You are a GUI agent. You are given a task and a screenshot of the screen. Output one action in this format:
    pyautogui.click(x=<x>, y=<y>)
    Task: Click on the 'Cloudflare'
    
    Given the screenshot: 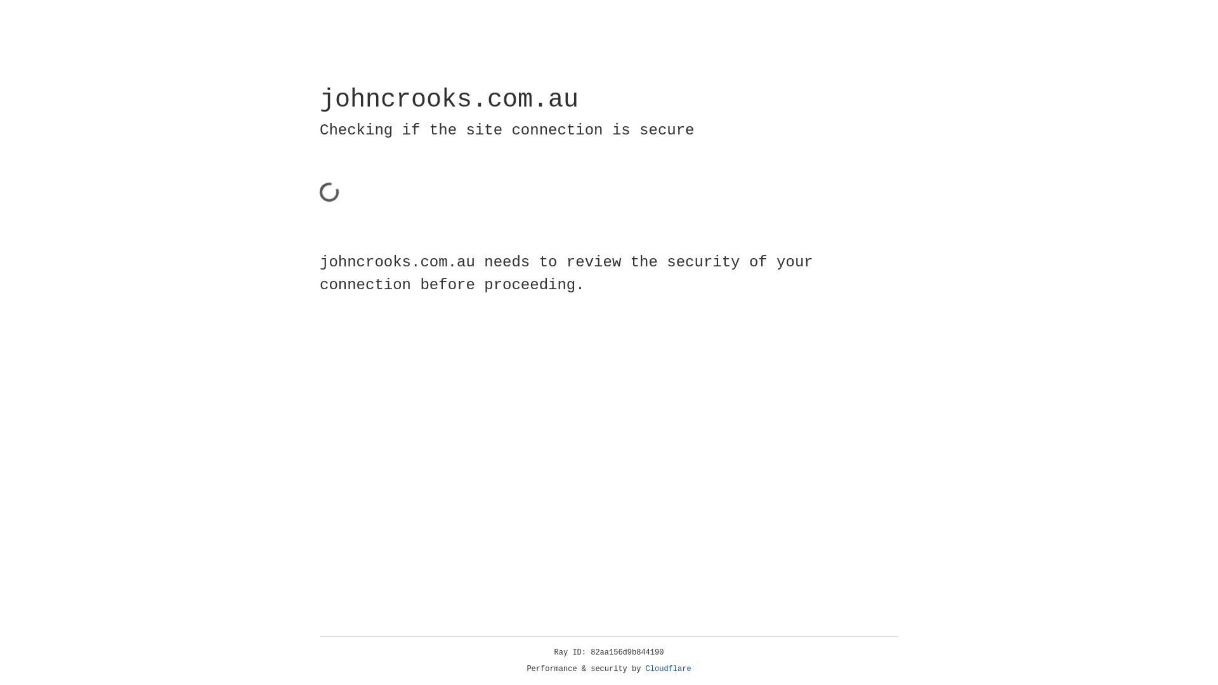 What is the action you would take?
    pyautogui.click(x=645, y=669)
    